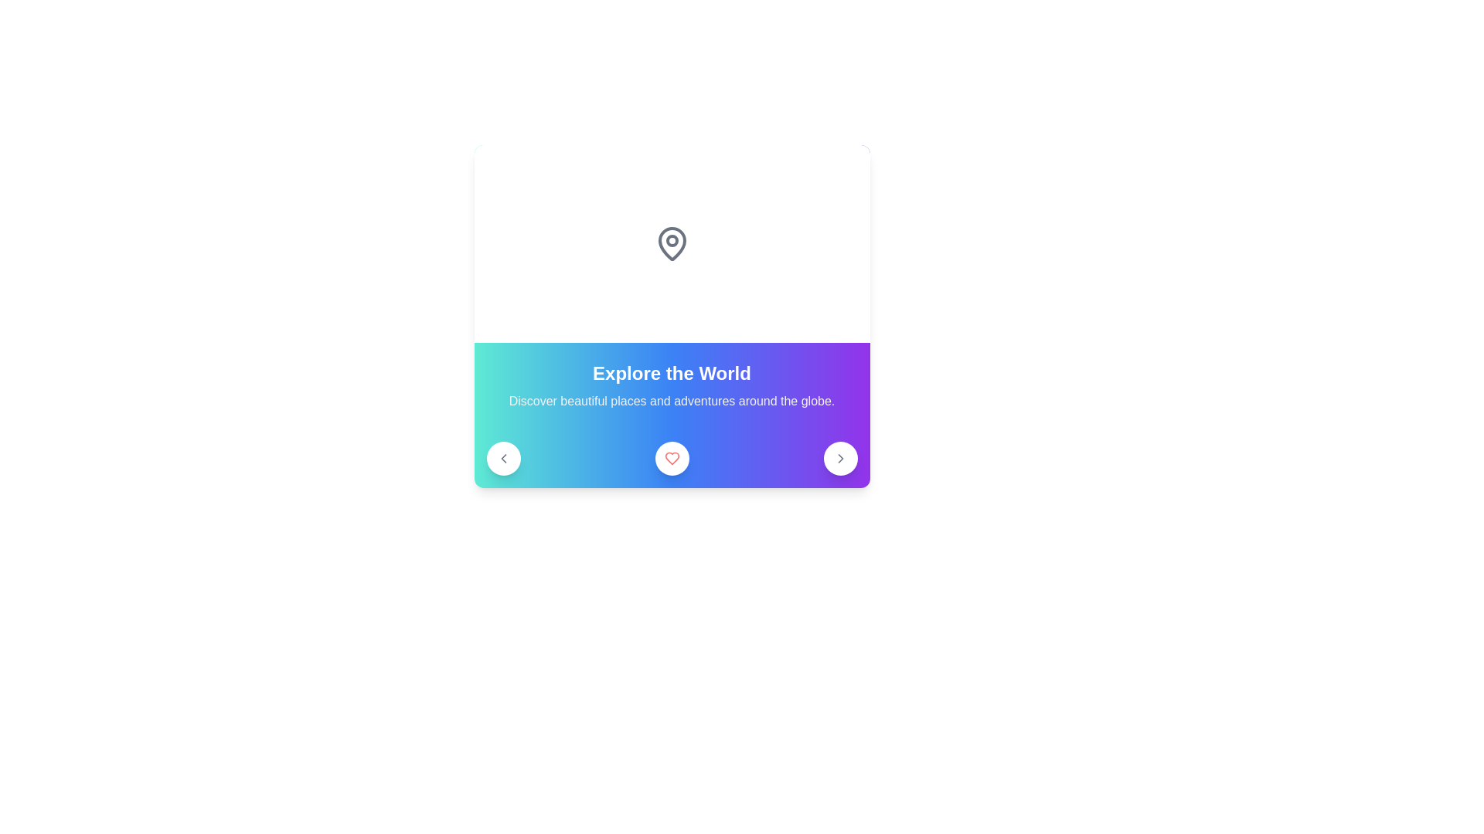  Describe the element at coordinates (672, 401) in the screenshot. I see `text content of the centered text snippet that says 'Discover beautiful places and adventures around the globe.' located below the 'Explore the World' heading` at that location.